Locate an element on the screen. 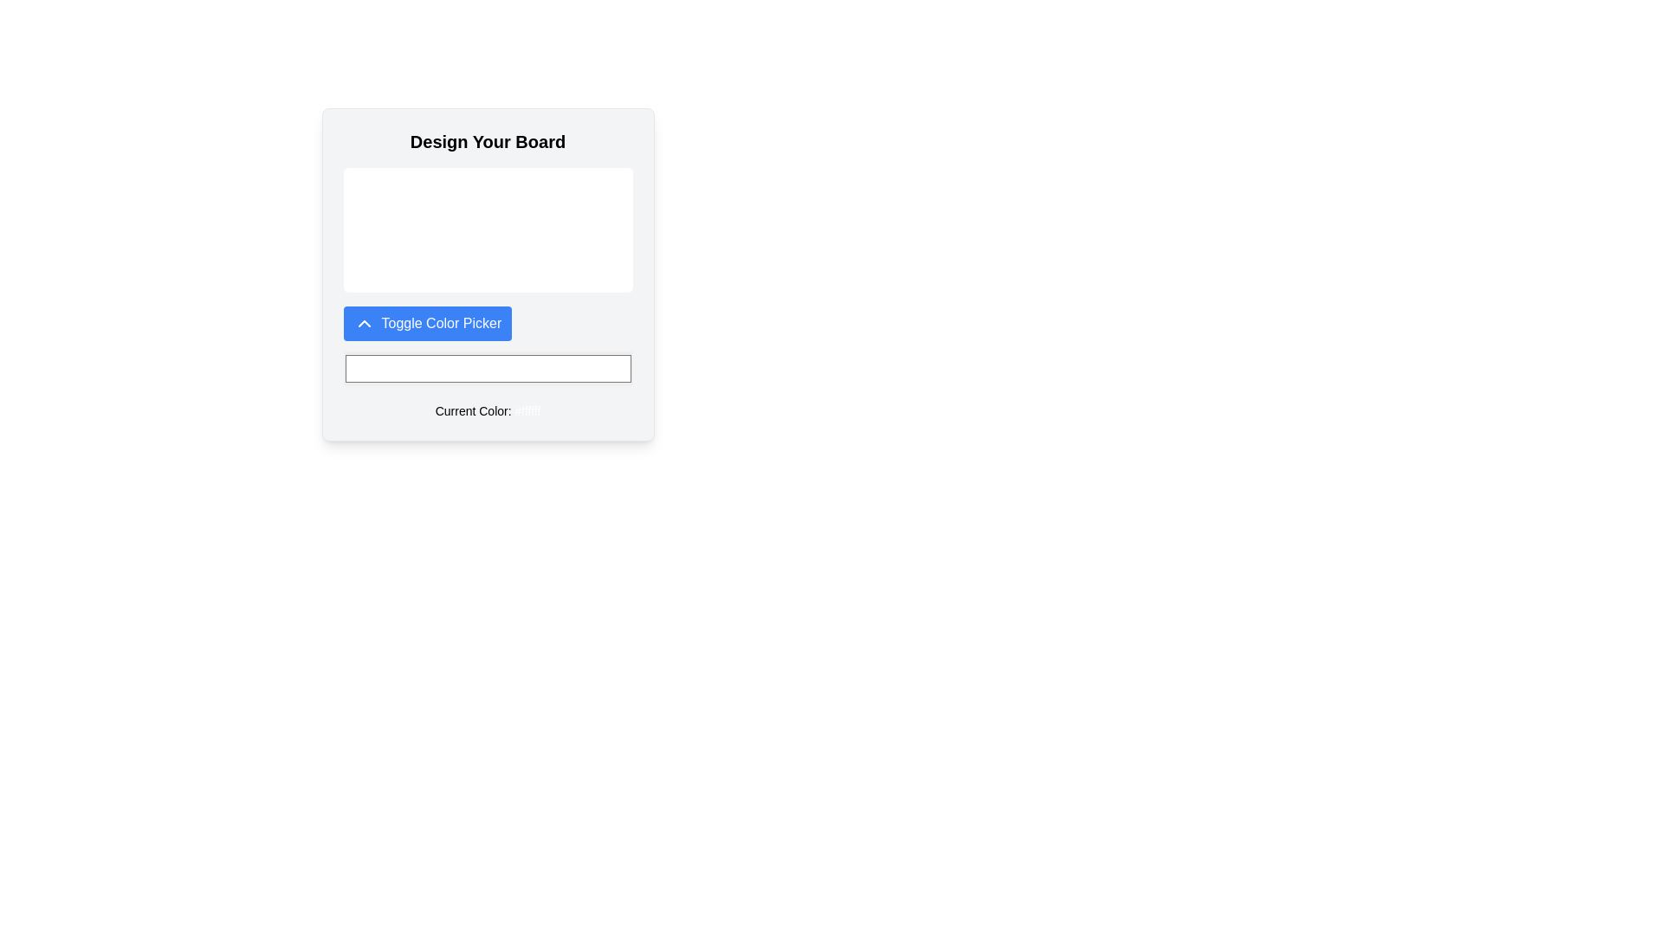 The height and width of the screenshot is (935, 1663). the empty Color input field, which is rectangular with rounded corners and a white background is located at coordinates (487, 367).